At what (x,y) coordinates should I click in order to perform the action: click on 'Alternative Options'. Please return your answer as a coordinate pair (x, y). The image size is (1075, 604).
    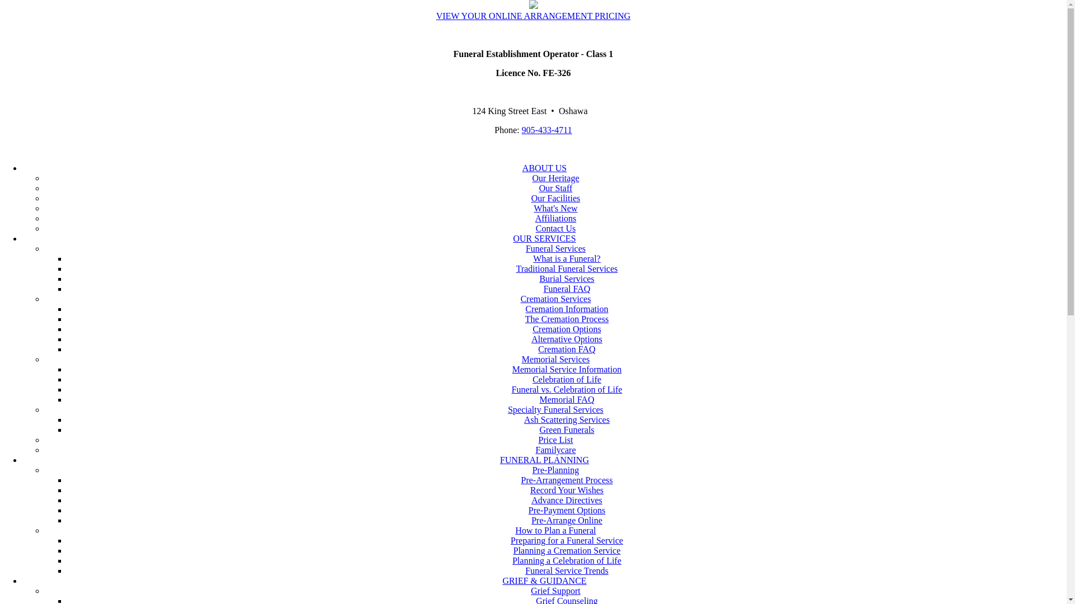
    Looking at the image, I should click on (567, 338).